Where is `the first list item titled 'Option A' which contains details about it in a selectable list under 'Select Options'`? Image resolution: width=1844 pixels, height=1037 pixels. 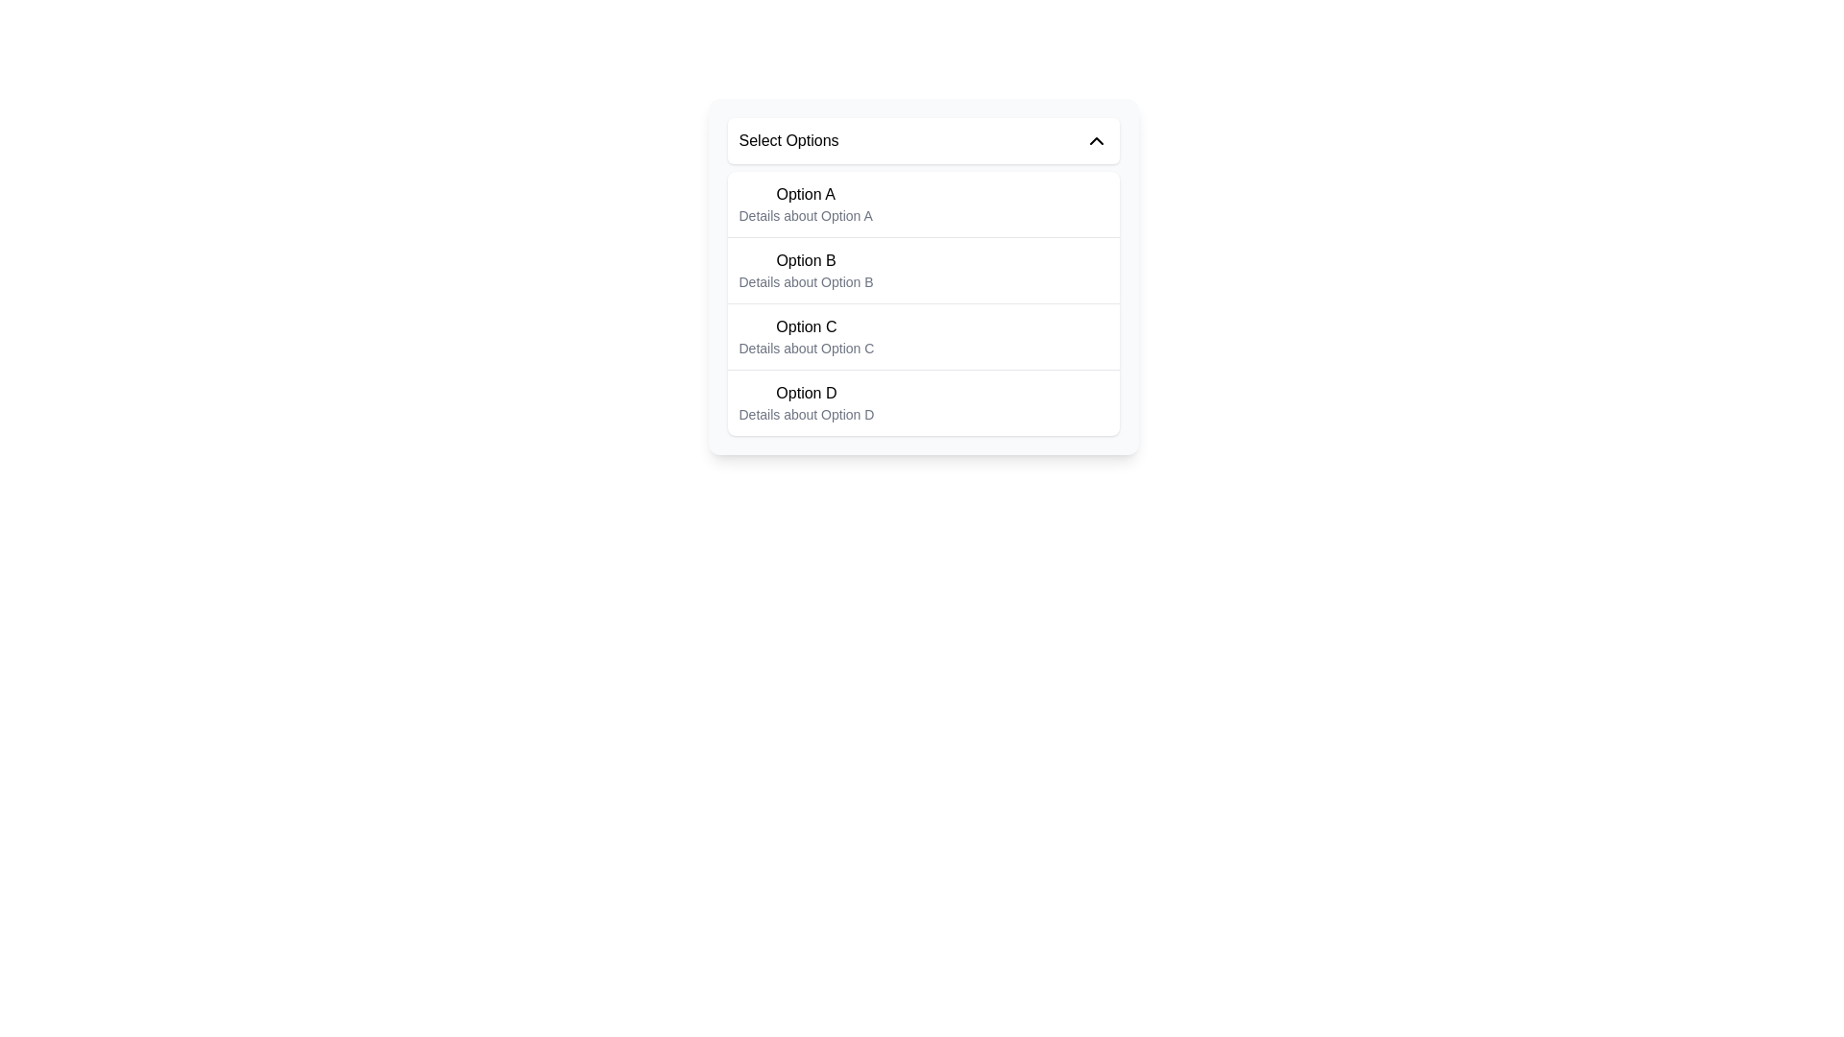
the first list item titled 'Option A' which contains details about it in a selectable list under 'Select Options' is located at coordinates (806, 204).